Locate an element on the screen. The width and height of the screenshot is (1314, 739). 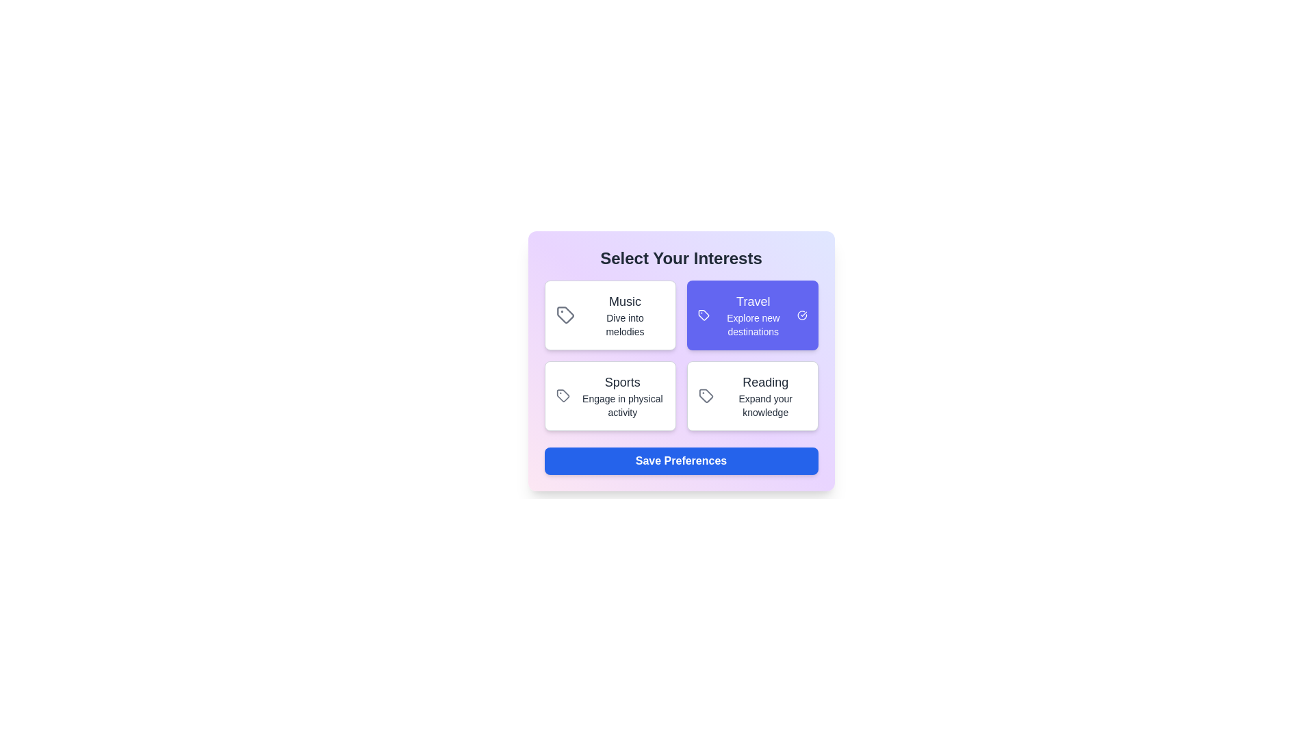
the interest card labeled Sports is located at coordinates (609, 396).